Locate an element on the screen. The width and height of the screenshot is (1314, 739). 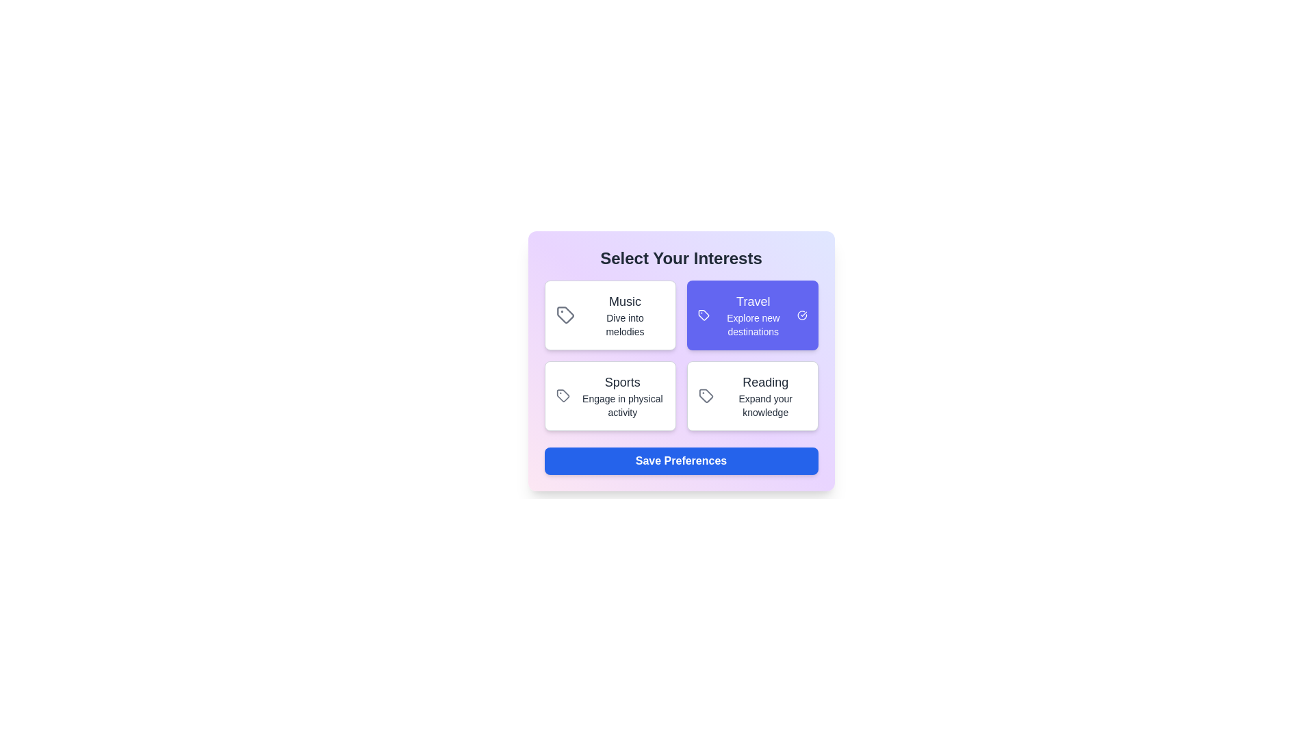
the interest card labeled Sports is located at coordinates (609, 396).